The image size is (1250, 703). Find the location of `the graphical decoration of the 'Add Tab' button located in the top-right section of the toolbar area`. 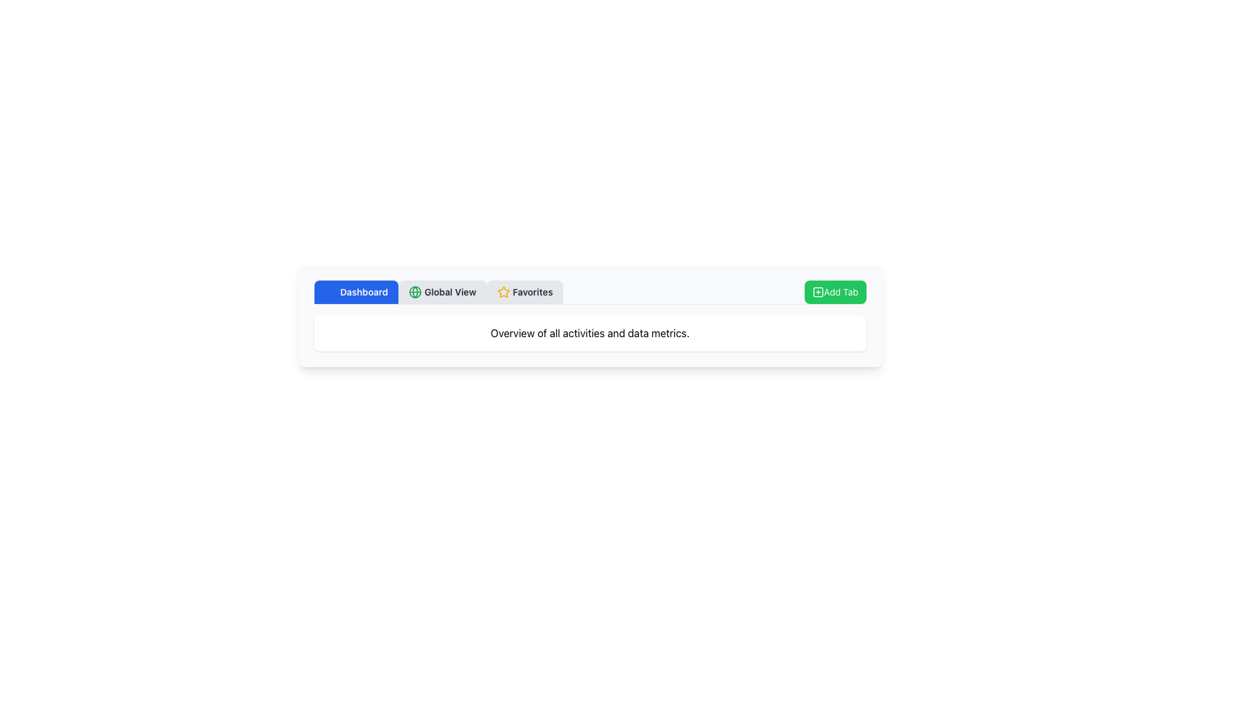

the graphical decoration of the 'Add Tab' button located in the top-right section of the toolbar area is located at coordinates (817, 291).